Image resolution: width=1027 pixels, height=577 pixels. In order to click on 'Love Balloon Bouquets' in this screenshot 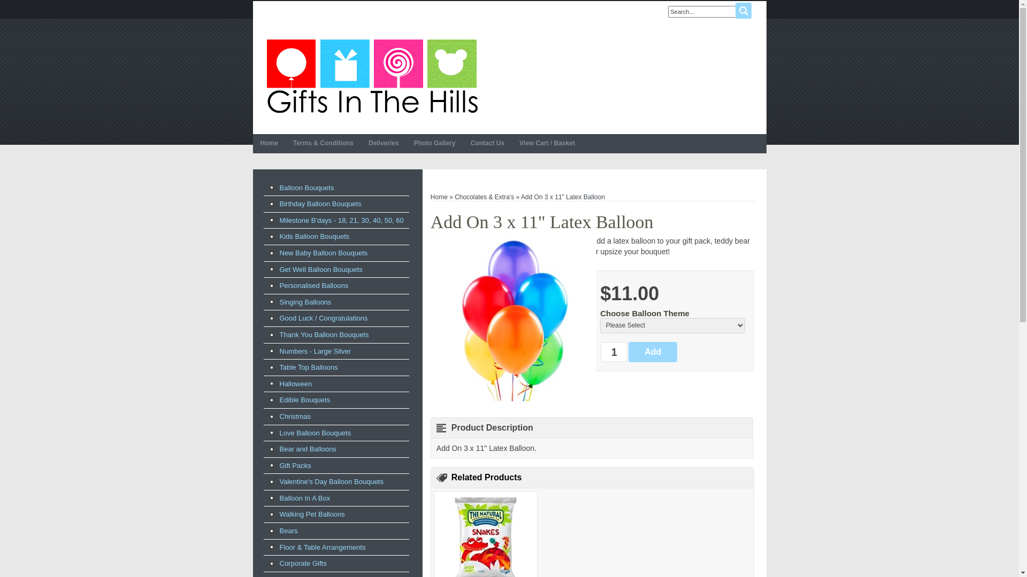, I will do `click(335, 433)`.